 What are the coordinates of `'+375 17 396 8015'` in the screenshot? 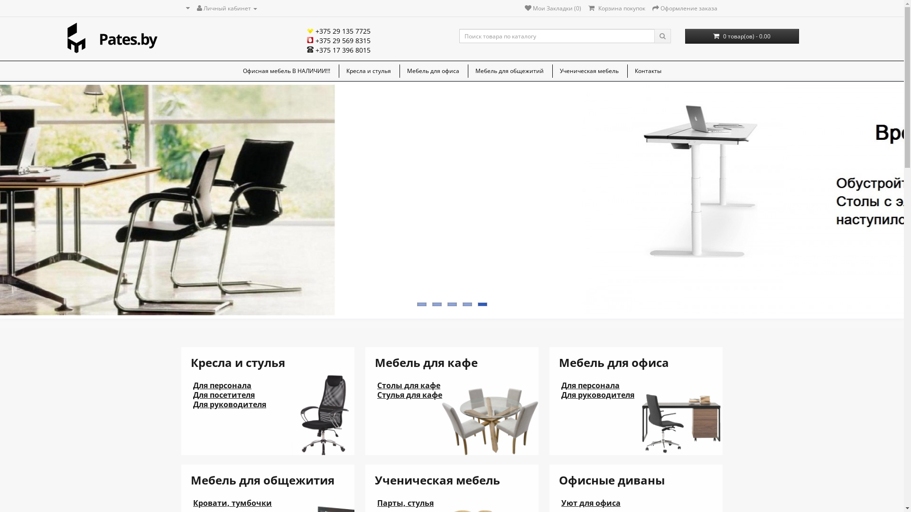 It's located at (232, 50).